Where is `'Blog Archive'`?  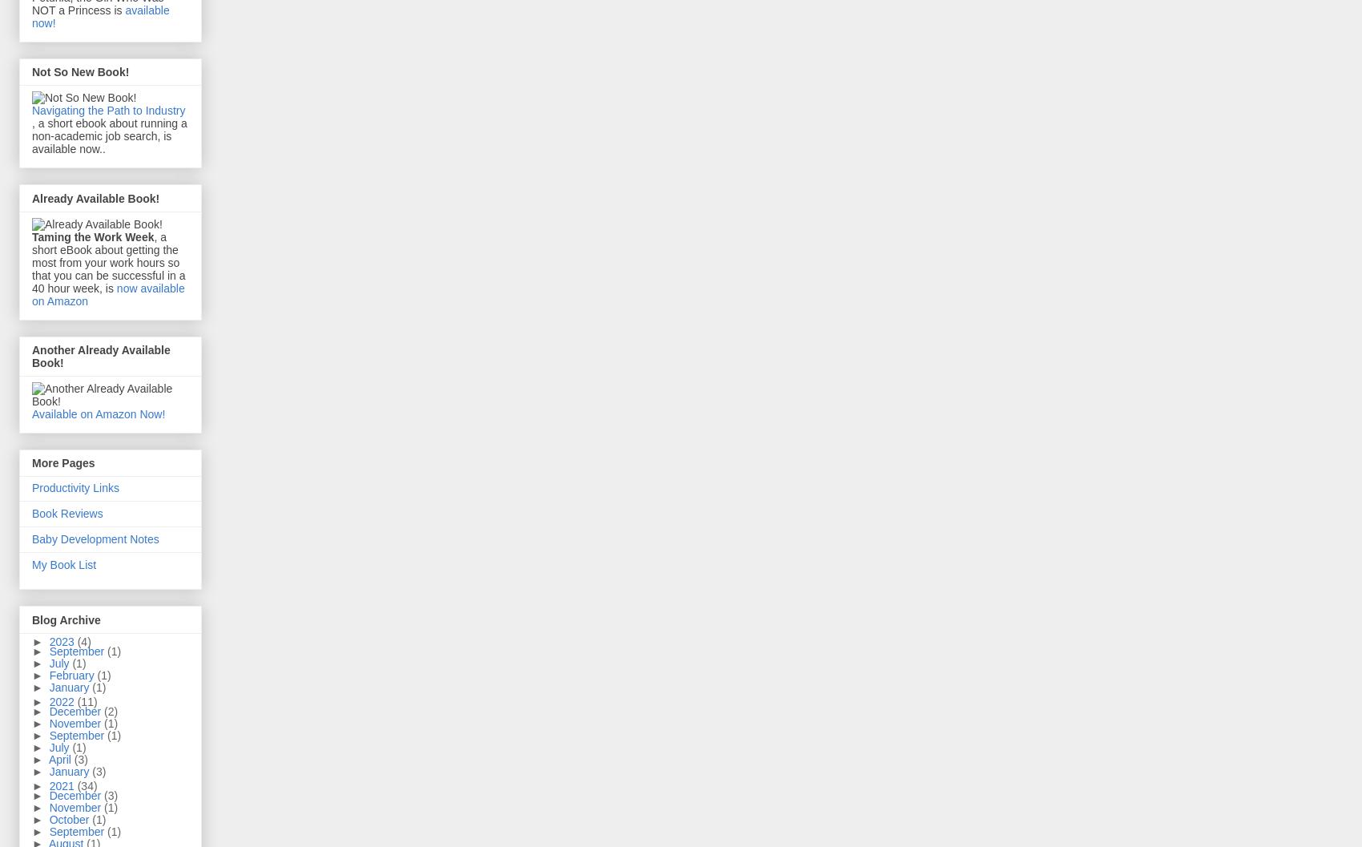
'Blog Archive' is located at coordinates (66, 619).